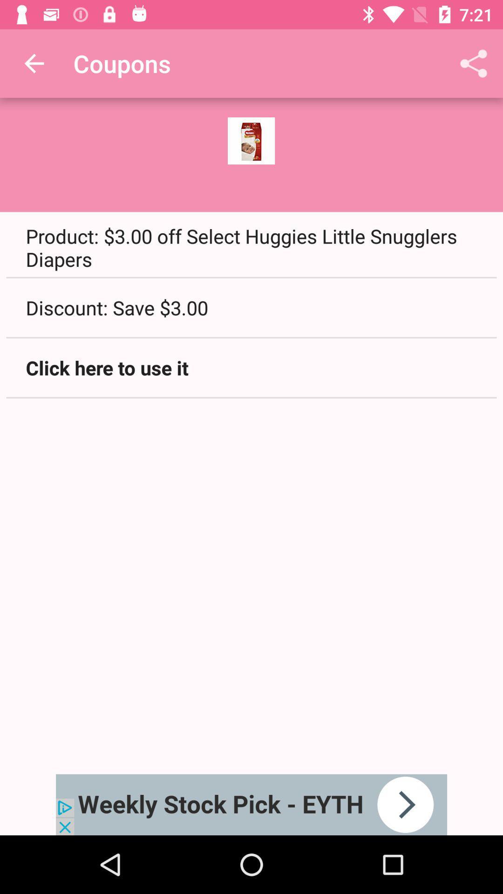 Image resolution: width=503 pixels, height=894 pixels. I want to click on open advertisement, so click(251, 804).